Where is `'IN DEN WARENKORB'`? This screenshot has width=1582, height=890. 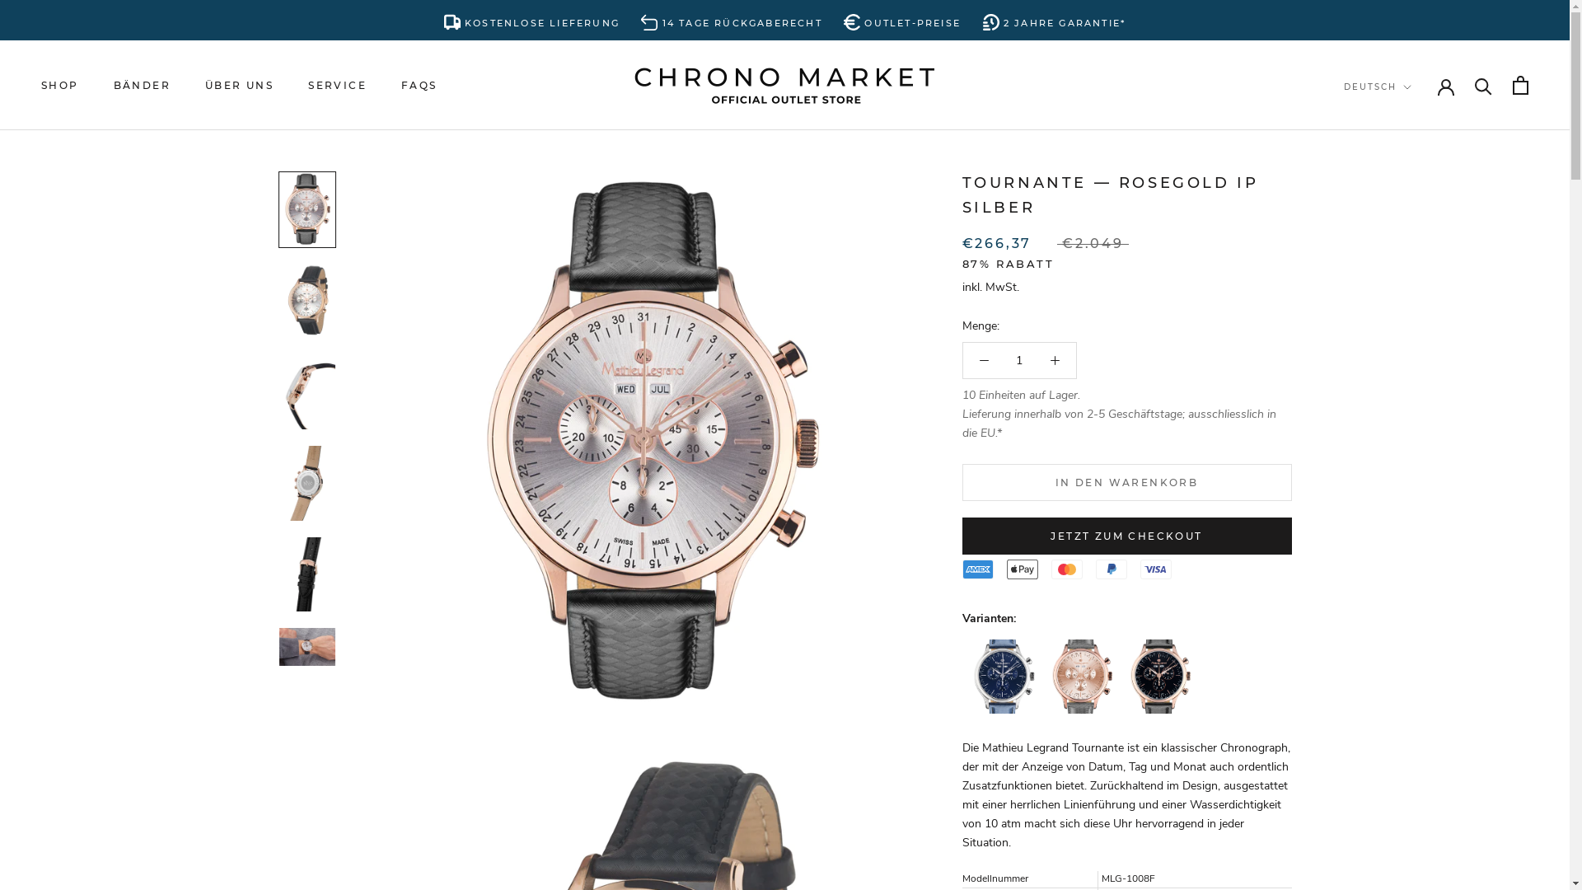 'IN DEN WARENKORB' is located at coordinates (1126, 482).